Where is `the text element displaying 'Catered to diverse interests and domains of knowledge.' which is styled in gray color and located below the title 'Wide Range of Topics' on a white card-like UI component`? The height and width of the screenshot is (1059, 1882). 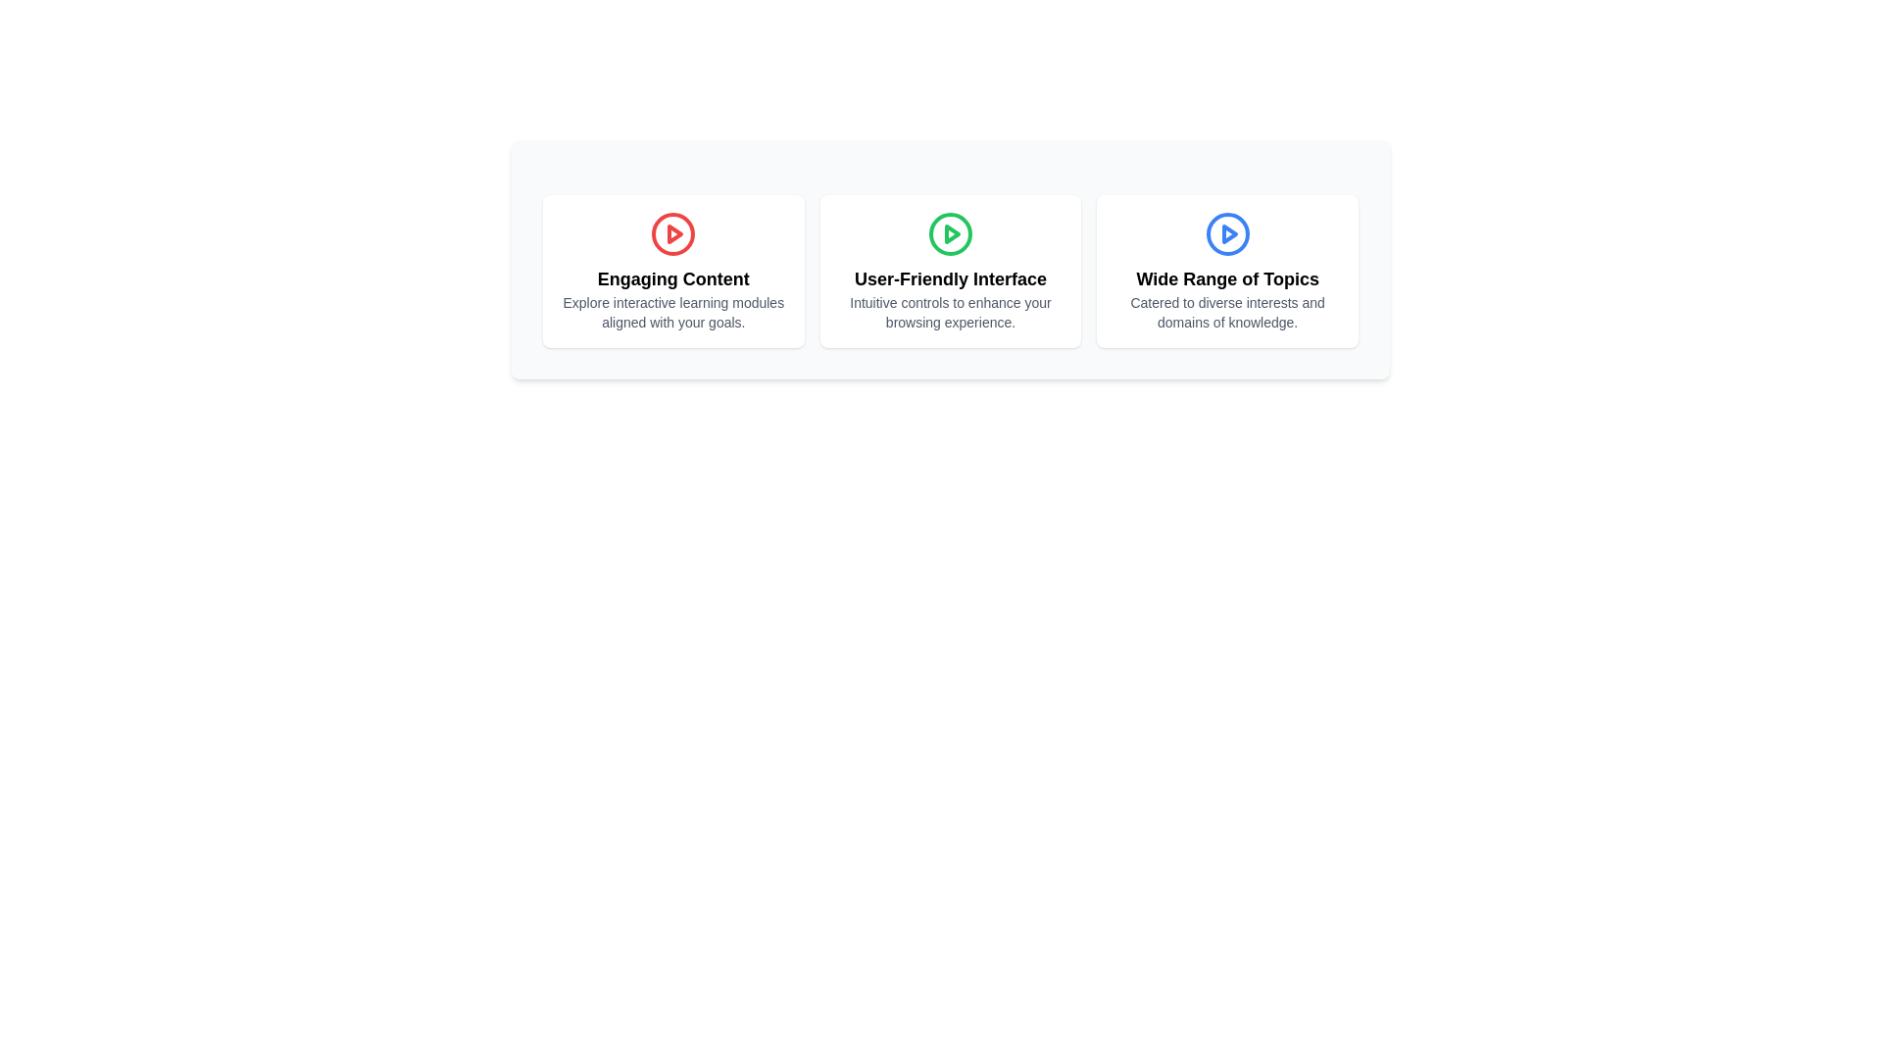
the text element displaying 'Catered to diverse interests and domains of knowledge.' which is styled in gray color and located below the title 'Wide Range of Topics' on a white card-like UI component is located at coordinates (1226, 312).